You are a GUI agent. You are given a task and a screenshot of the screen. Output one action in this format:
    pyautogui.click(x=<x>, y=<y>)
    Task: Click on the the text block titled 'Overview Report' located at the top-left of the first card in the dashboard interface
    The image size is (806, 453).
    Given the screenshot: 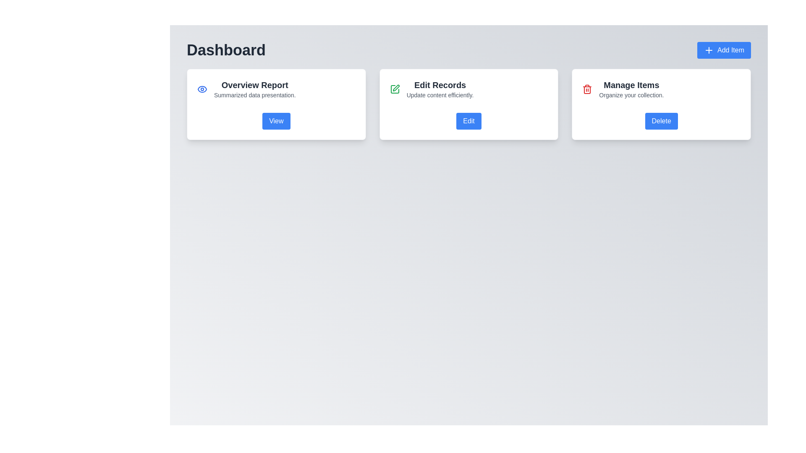 What is the action you would take?
    pyautogui.click(x=276, y=89)
    